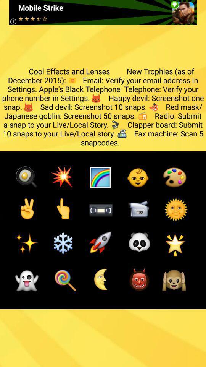 This screenshot has height=367, width=206. I want to click on header, so click(103, 12).